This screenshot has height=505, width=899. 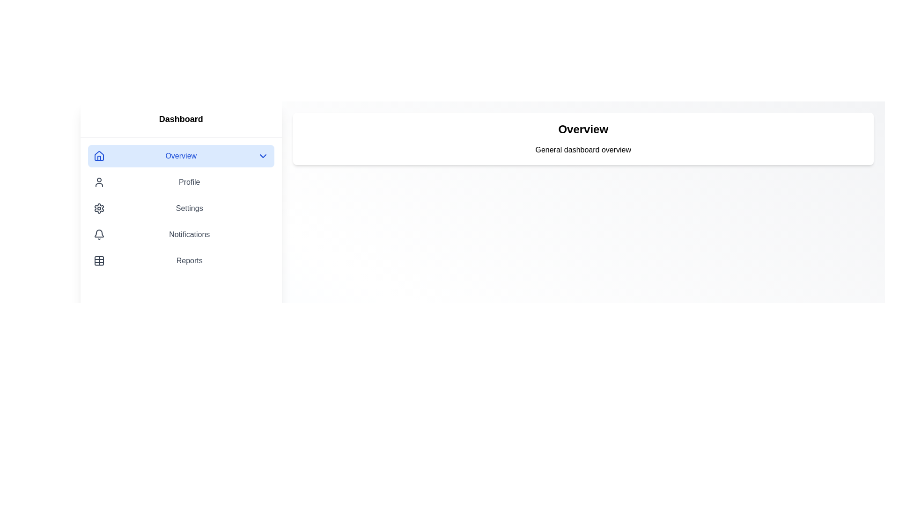 I want to click on the menu item Notifications in the sidebar to navigate to its respective content, so click(x=181, y=234).